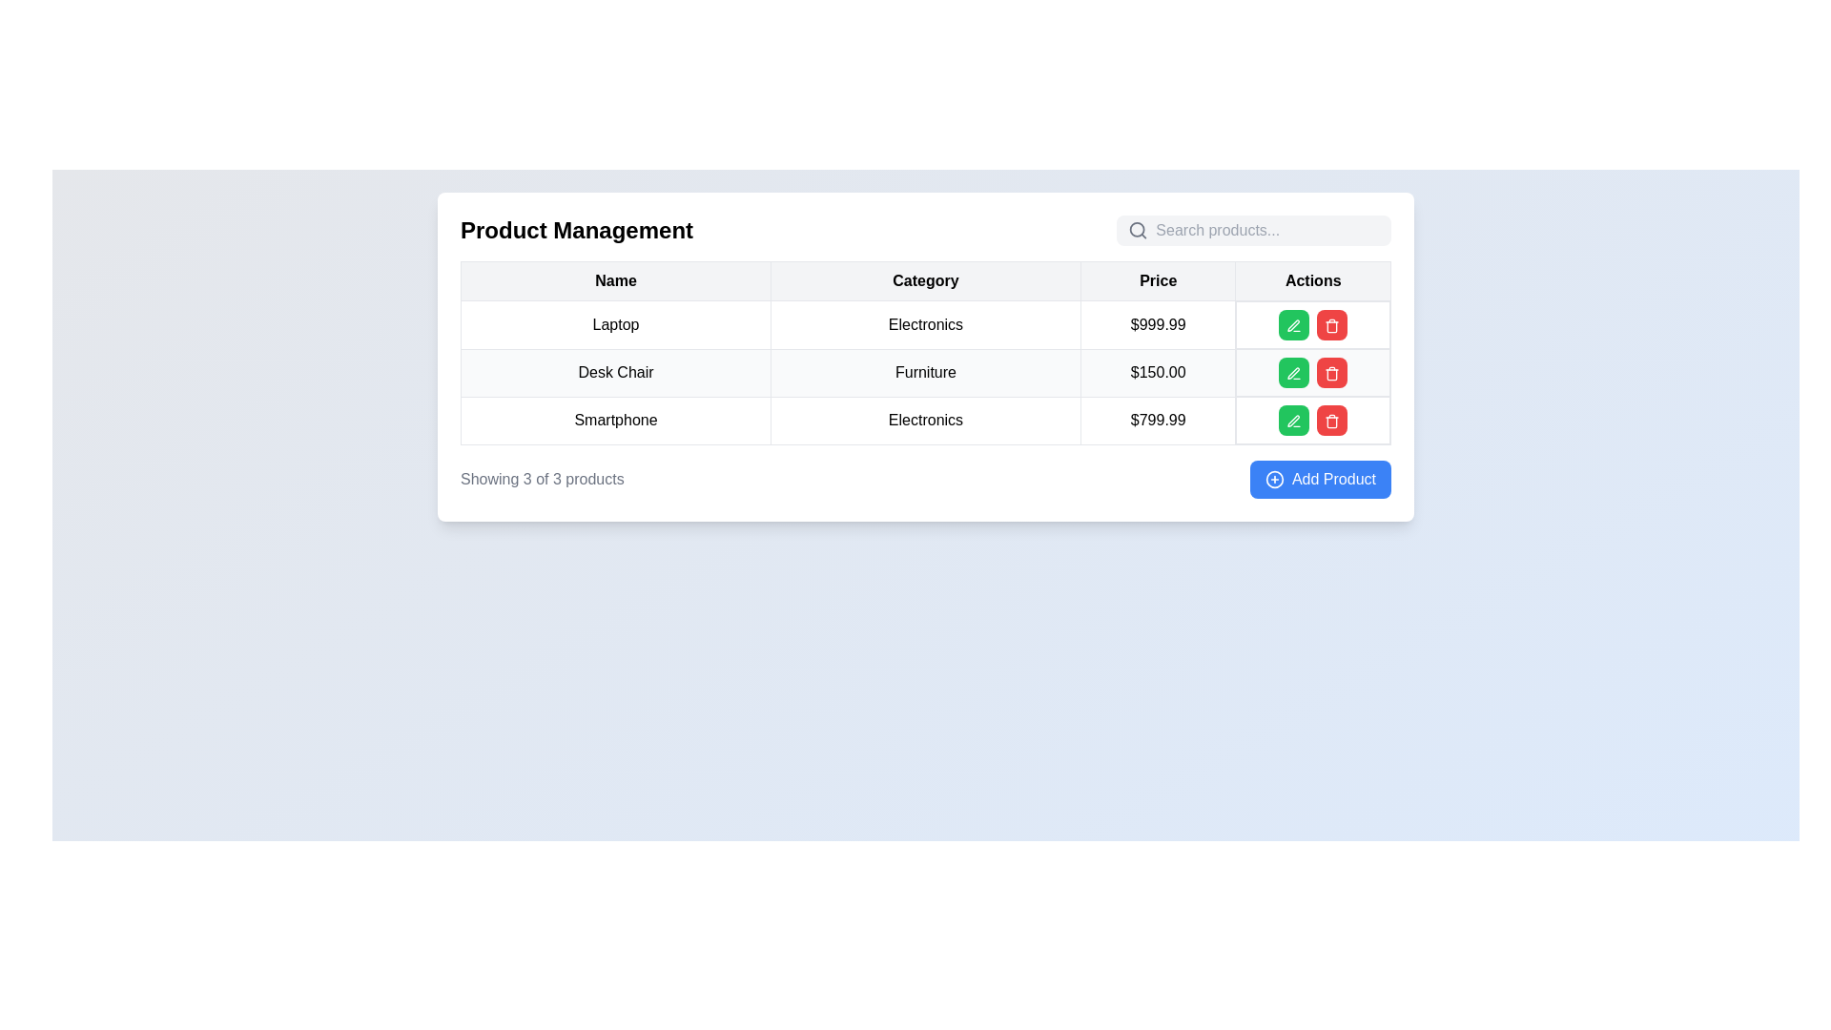 This screenshot has height=1030, width=1831. I want to click on the fourth column header of the table, which is located in the upper-right corner and signifies the purpose of the column containing actionable items, so click(1312, 280).